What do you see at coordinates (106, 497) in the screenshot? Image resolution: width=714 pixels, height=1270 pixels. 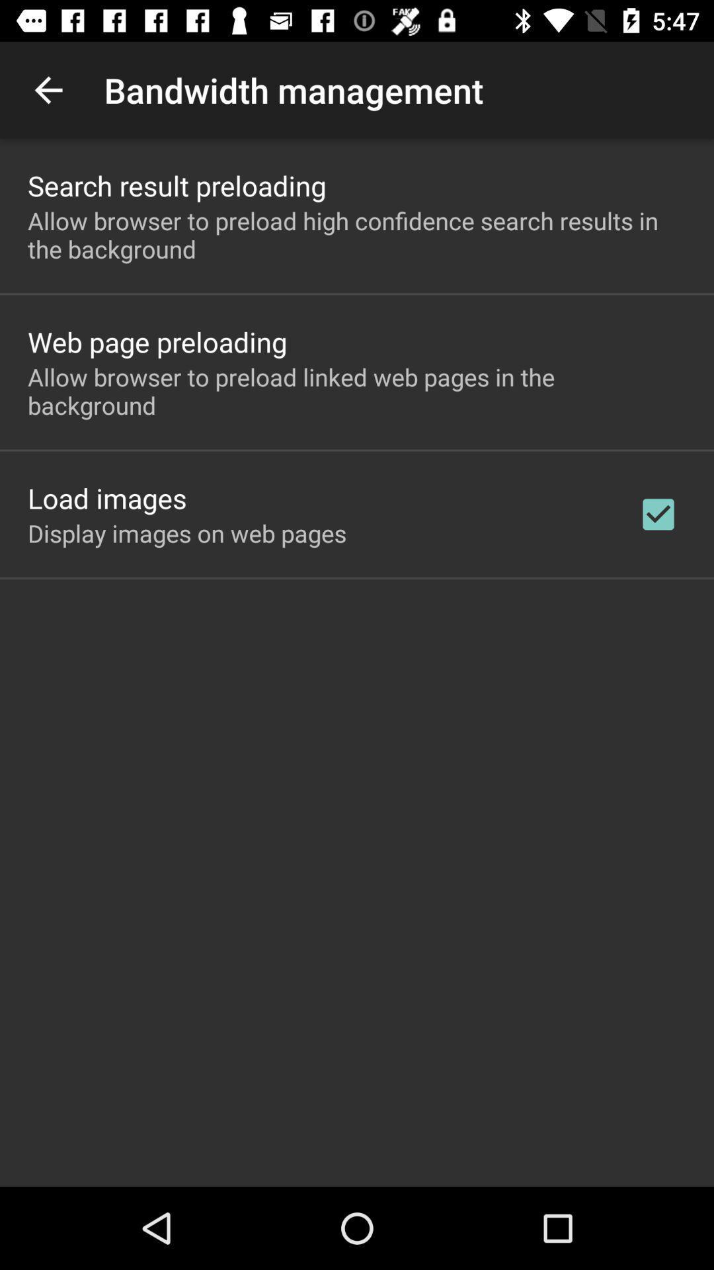 I see `icon above display images on app` at bounding box center [106, 497].